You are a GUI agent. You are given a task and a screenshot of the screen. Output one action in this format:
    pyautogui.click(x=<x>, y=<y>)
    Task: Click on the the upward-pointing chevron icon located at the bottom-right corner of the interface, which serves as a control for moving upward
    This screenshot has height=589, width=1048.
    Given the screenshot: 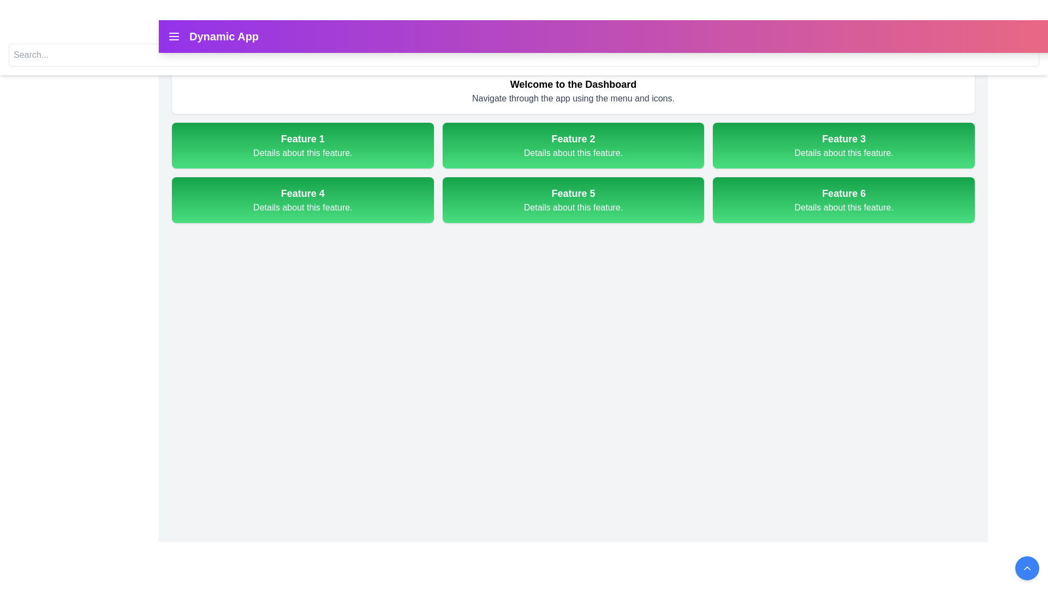 What is the action you would take?
    pyautogui.click(x=1026, y=567)
    